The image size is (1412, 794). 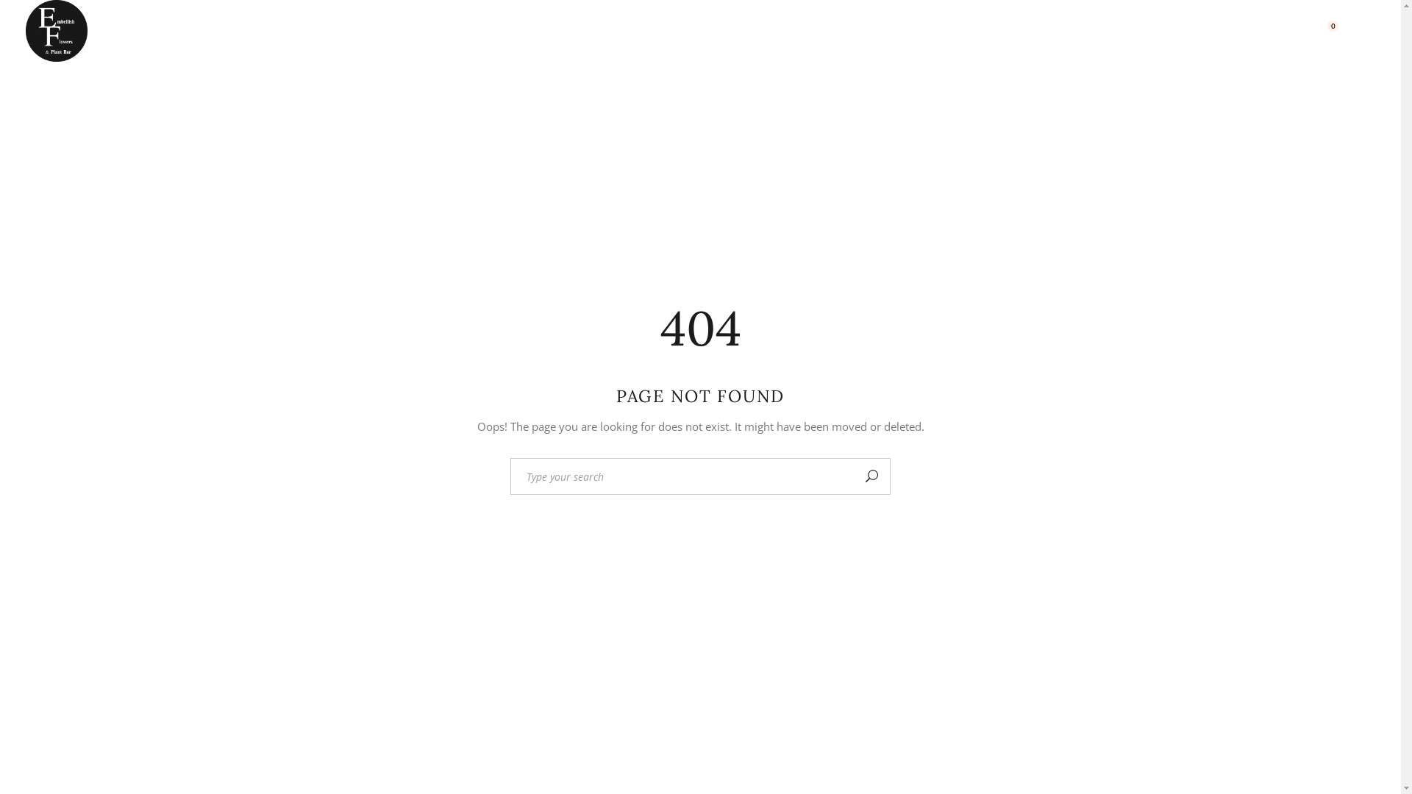 I want to click on 'PLANTS', so click(x=606, y=31).